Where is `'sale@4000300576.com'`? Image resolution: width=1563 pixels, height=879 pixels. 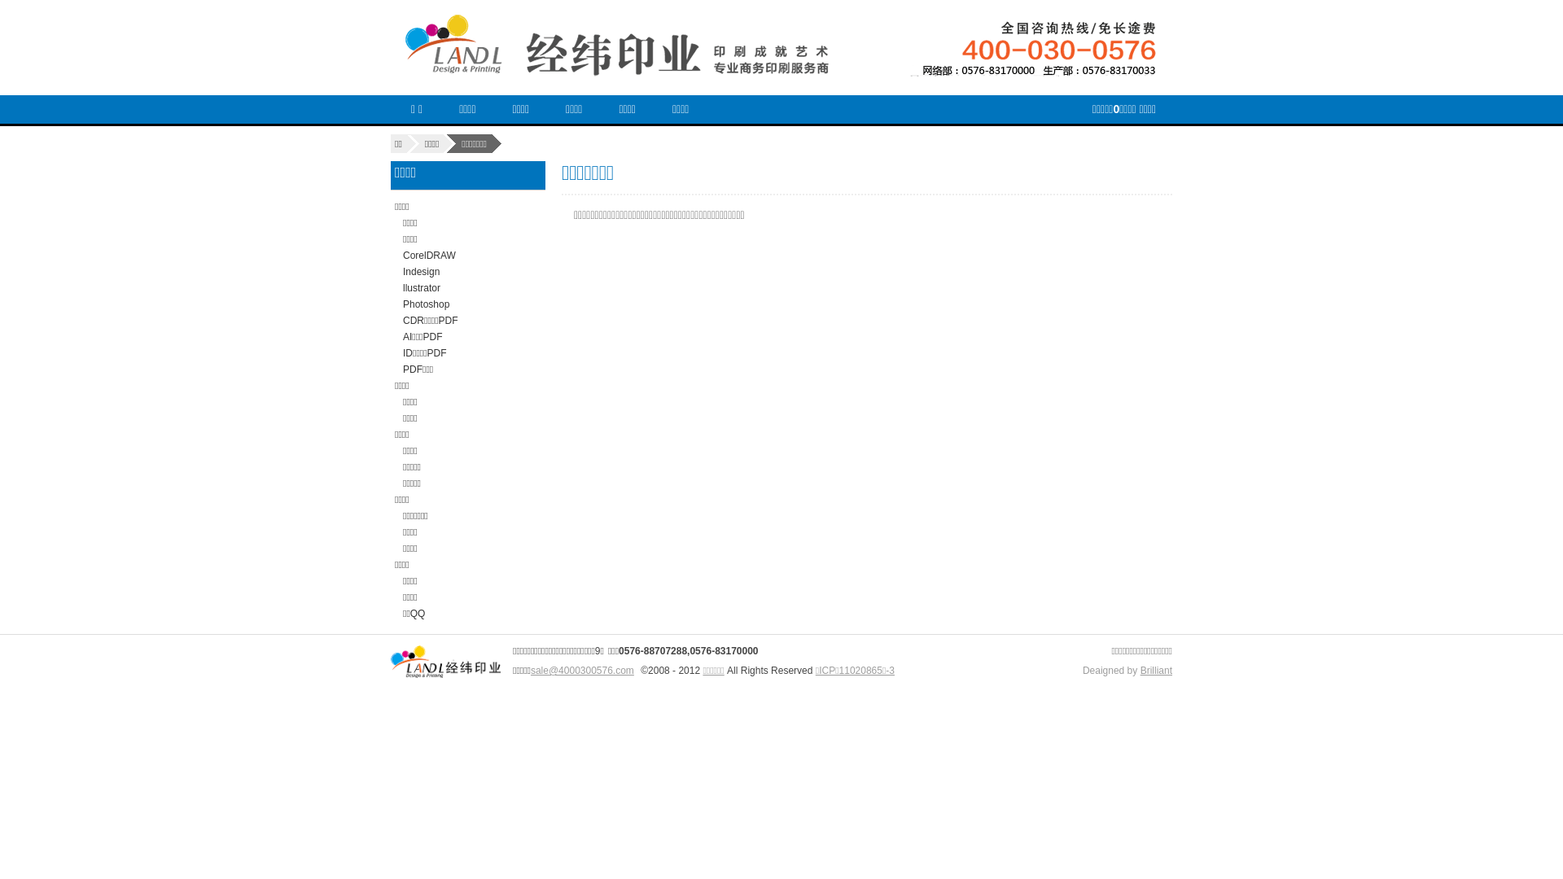
'sale@4000300576.com' is located at coordinates (531, 671).